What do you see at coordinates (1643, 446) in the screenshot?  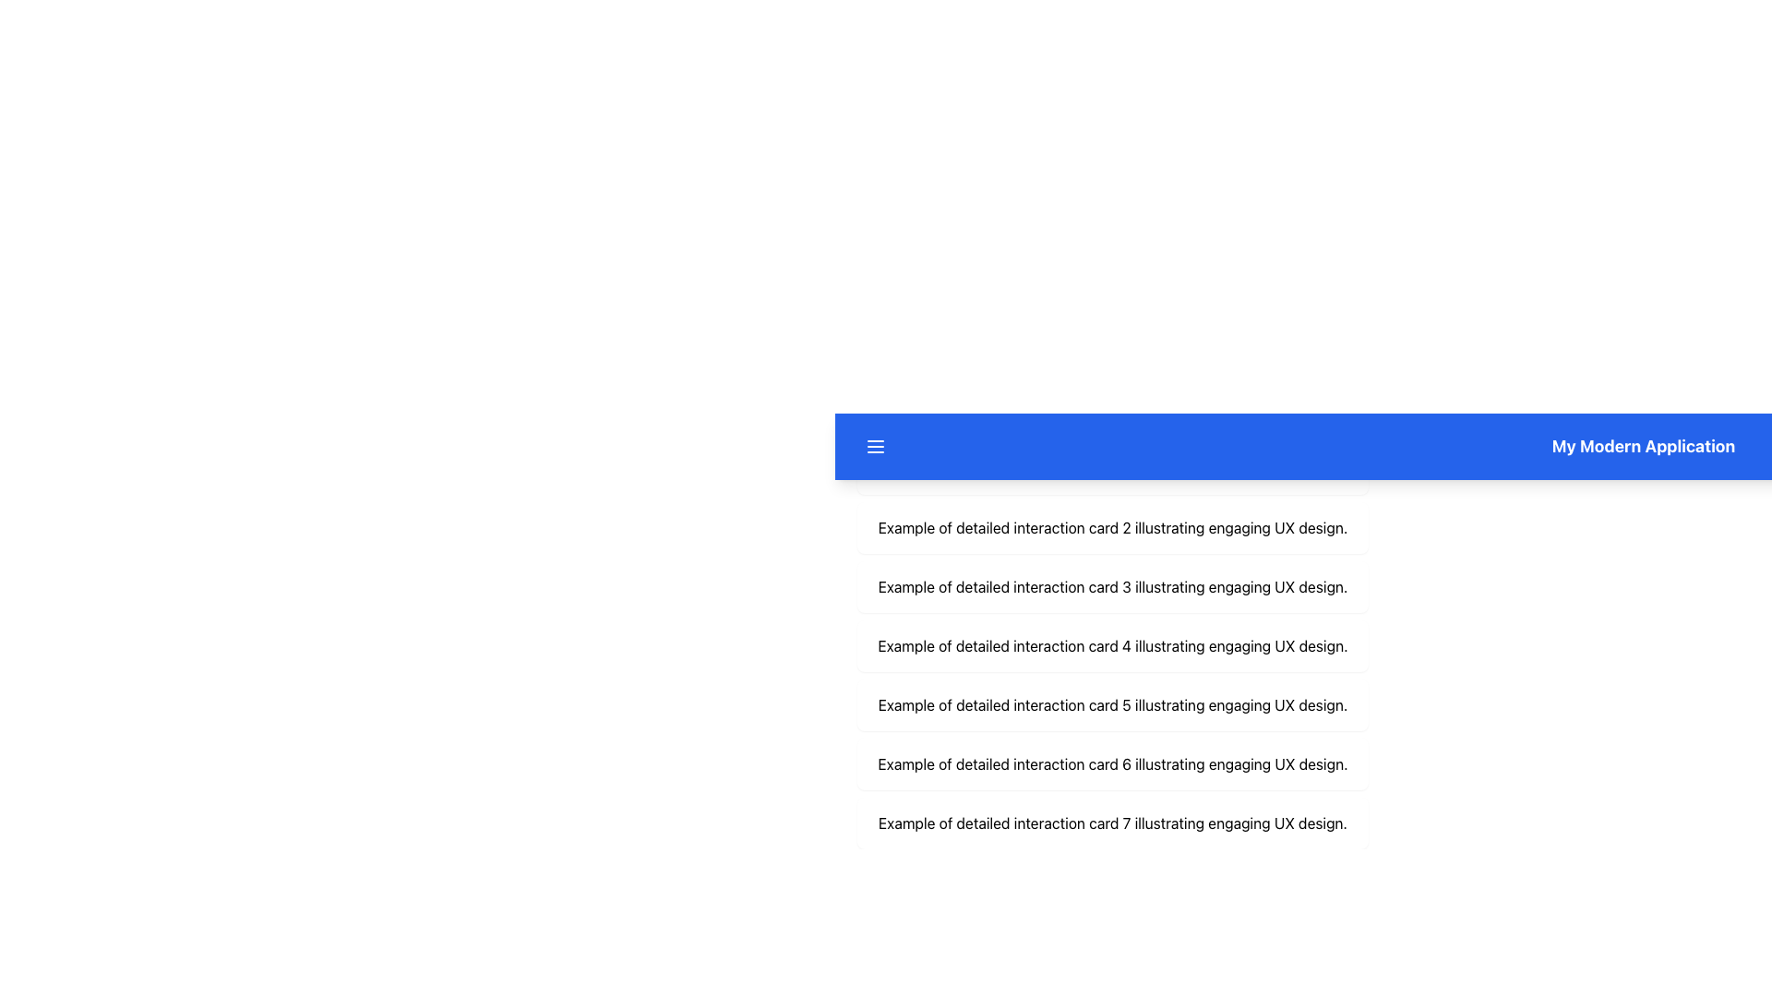 I see `the Text Label that displays 'My Modern Application', which is part of the navigation bar at the top right of the interface` at bounding box center [1643, 446].